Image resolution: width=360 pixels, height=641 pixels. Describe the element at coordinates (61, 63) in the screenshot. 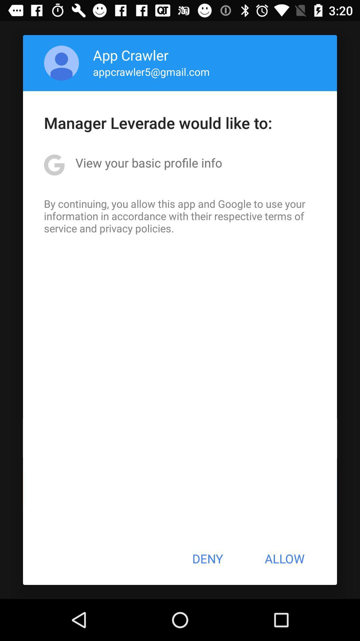

I see `item above manager leverade would item` at that location.